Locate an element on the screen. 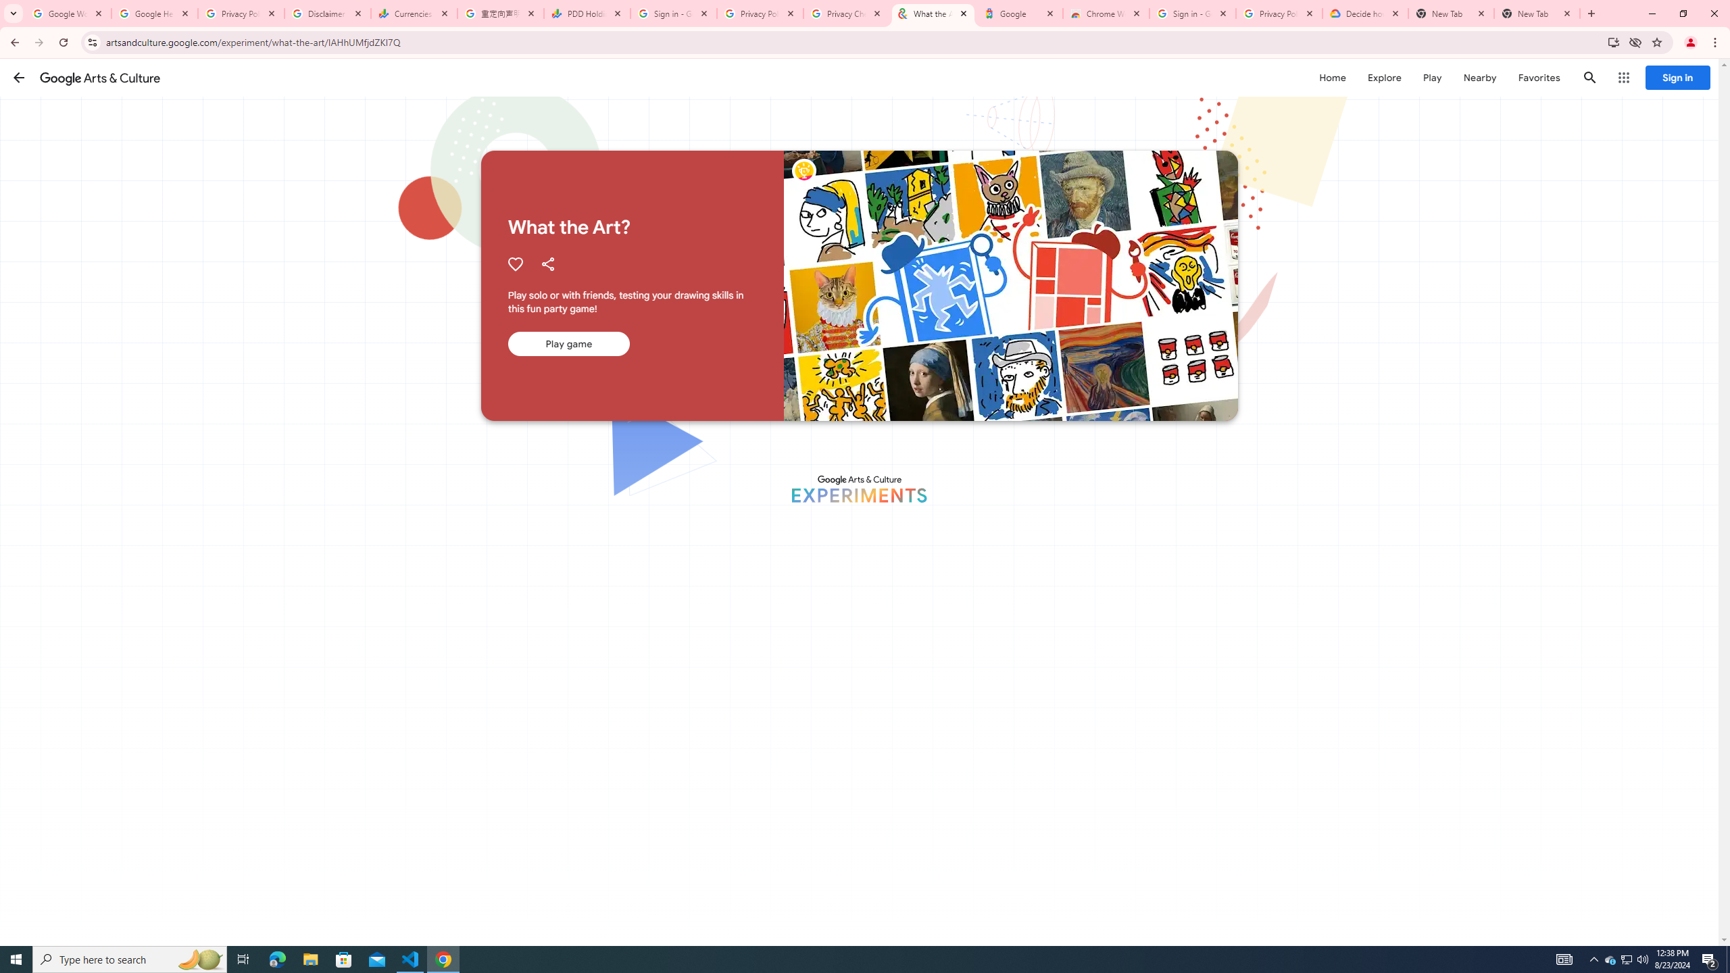 This screenshot has width=1730, height=973. 'Back' is located at coordinates (13, 42).